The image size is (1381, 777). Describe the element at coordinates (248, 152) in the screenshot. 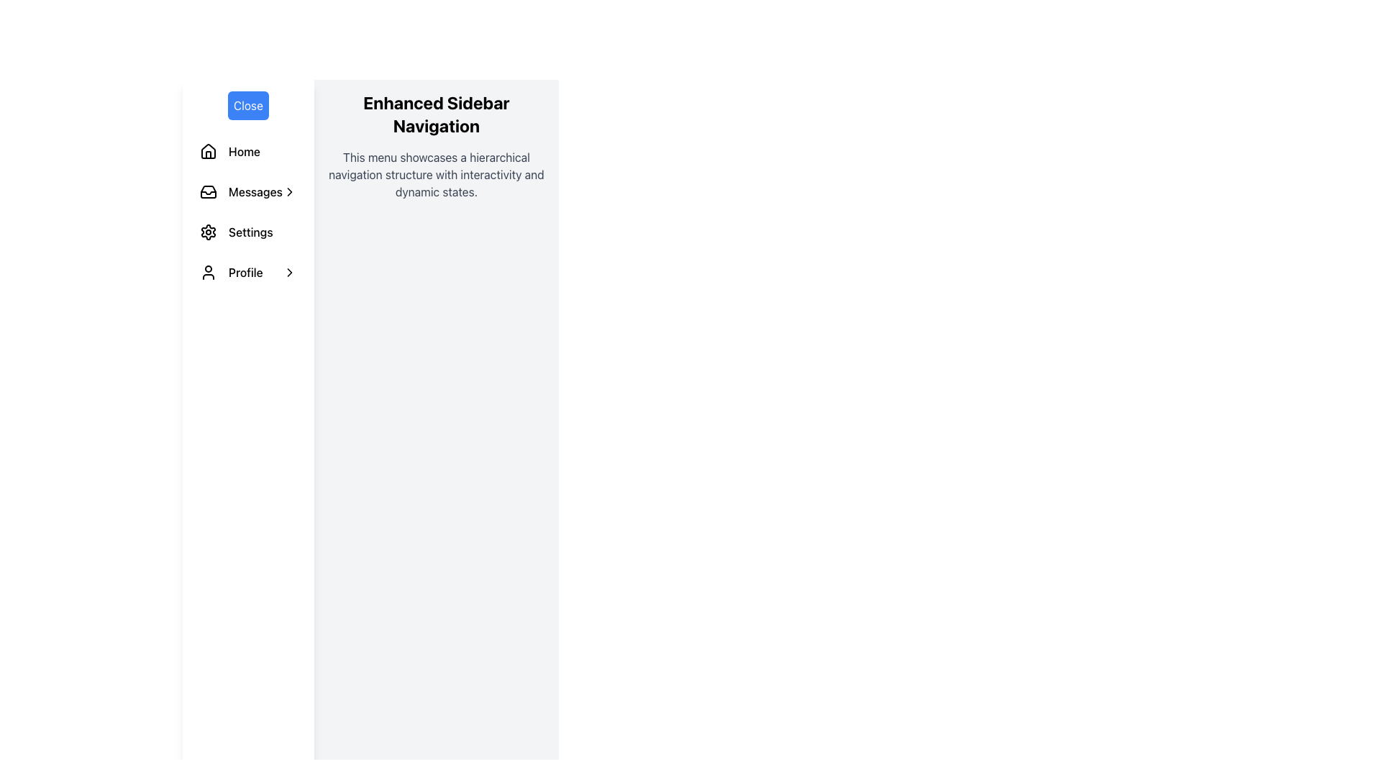

I see `the 'Home' button located at the top of the sidebar, which features a house icon and is the first navigation option` at that location.